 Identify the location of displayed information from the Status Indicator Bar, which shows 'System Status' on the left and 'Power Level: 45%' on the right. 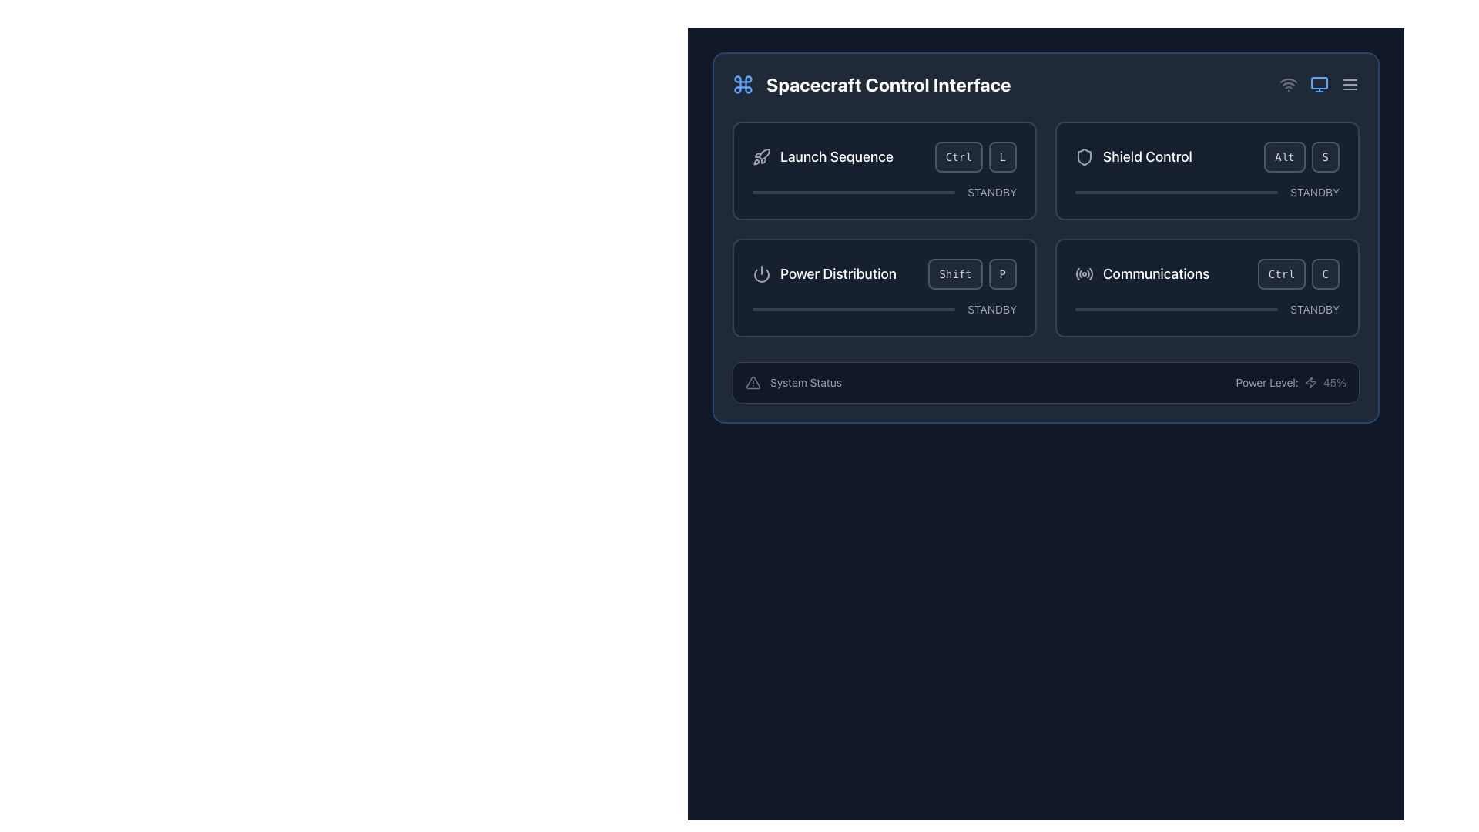
(1046, 382).